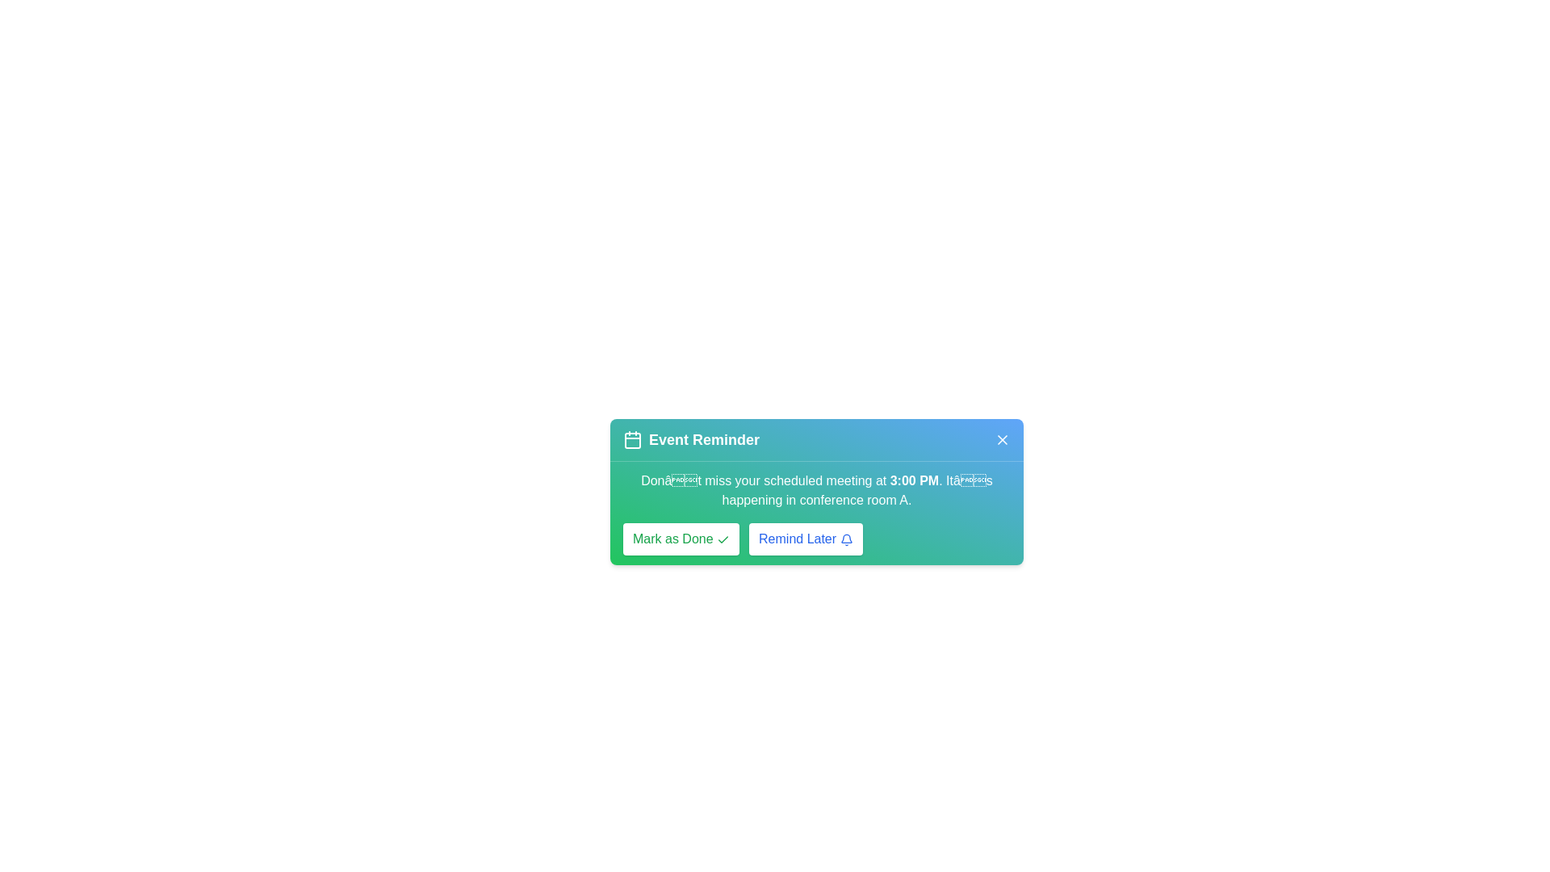  What do you see at coordinates (817, 514) in the screenshot?
I see `the text content in the EventReminder component` at bounding box center [817, 514].